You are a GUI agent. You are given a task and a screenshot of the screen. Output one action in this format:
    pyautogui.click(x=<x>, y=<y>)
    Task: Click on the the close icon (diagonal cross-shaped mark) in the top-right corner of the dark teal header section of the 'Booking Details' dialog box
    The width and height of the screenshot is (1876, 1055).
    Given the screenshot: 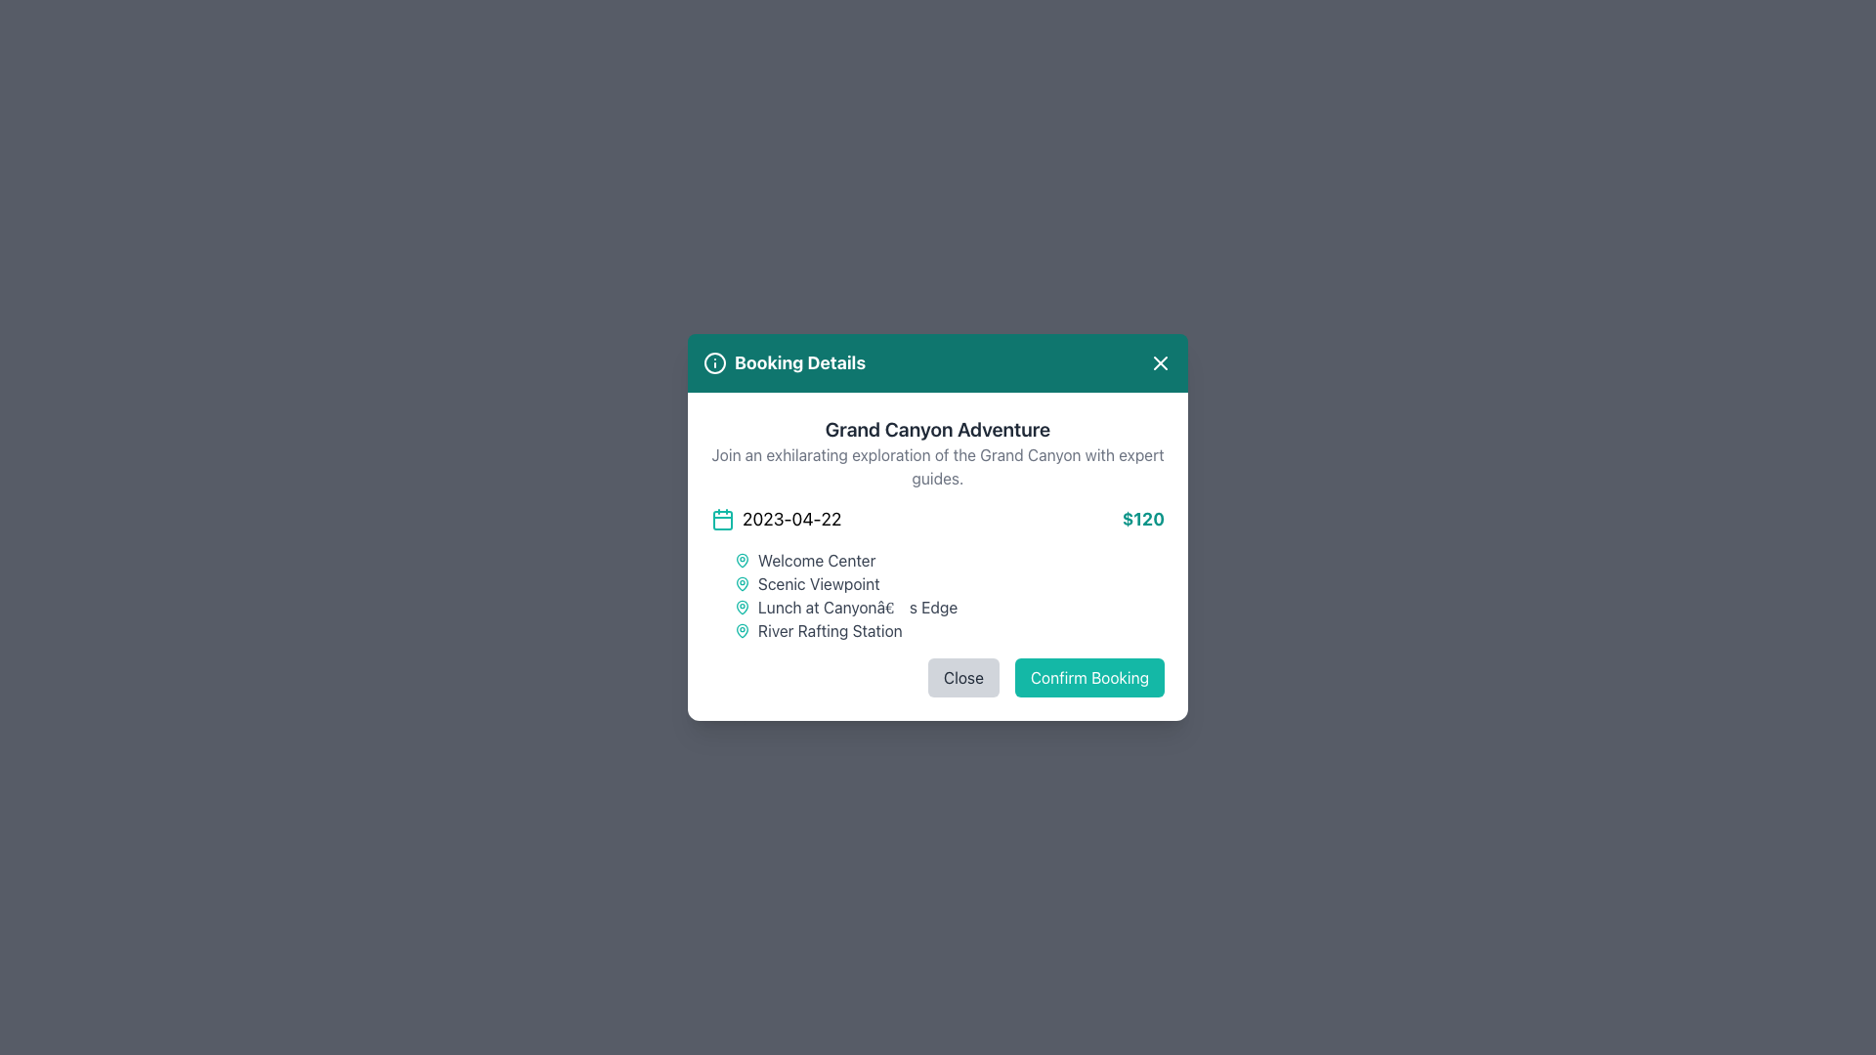 What is the action you would take?
    pyautogui.click(x=1161, y=362)
    